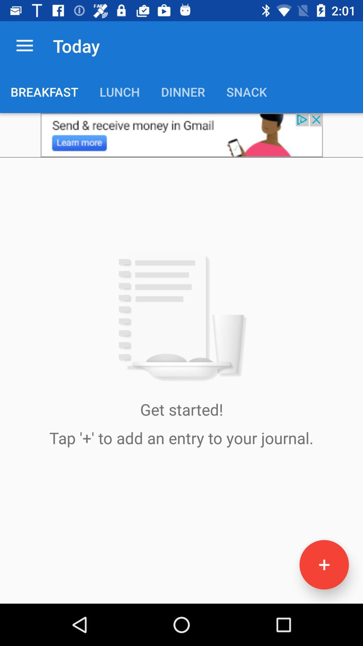 This screenshot has height=646, width=363. What do you see at coordinates (182, 135) in the screenshot?
I see `advertisement` at bounding box center [182, 135].